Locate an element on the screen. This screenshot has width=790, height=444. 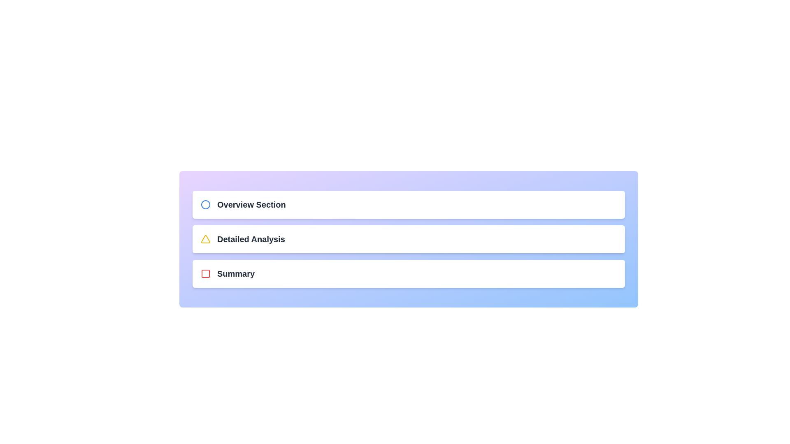
the triangular icon with a yellow outline, located to the left of the 'Detailed Analysis' text is located at coordinates (205, 239).